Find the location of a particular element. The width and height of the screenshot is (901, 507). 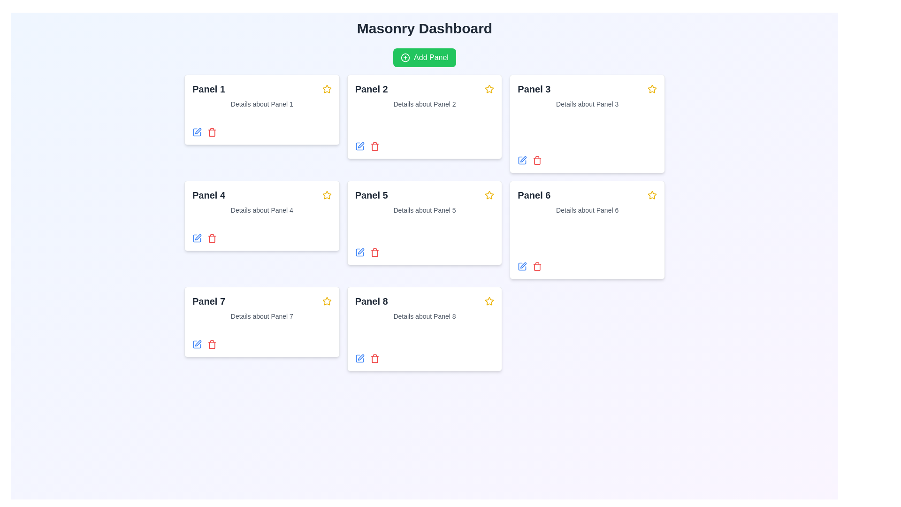

the red trash icon in 'Panel 2' is located at coordinates (374, 146).